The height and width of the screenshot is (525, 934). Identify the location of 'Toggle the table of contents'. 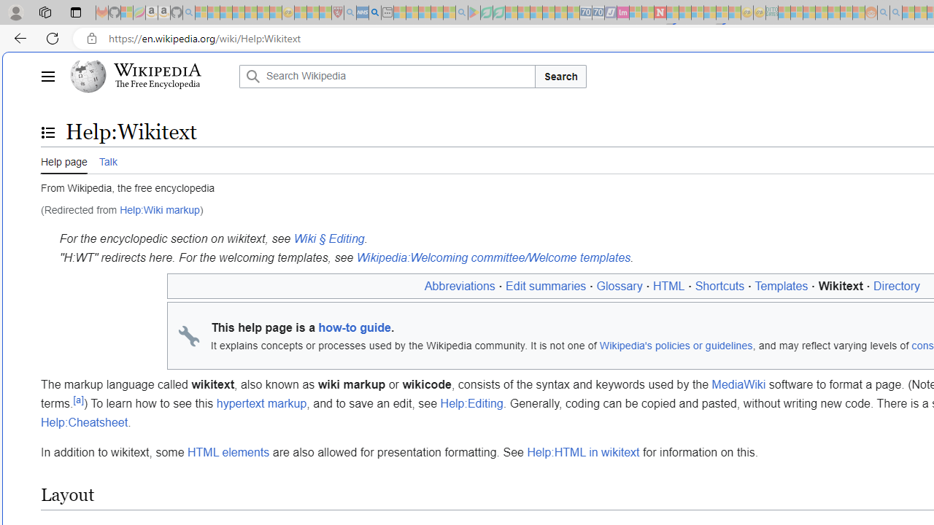
(47, 132).